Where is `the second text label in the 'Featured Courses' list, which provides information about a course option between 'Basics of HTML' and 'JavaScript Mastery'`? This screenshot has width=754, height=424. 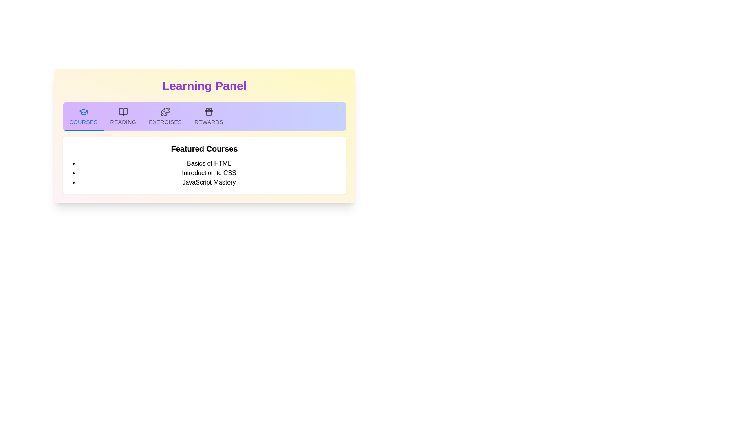 the second text label in the 'Featured Courses' list, which provides information about a course option between 'Basics of HTML' and 'JavaScript Mastery' is located at coordinates (209, 172).